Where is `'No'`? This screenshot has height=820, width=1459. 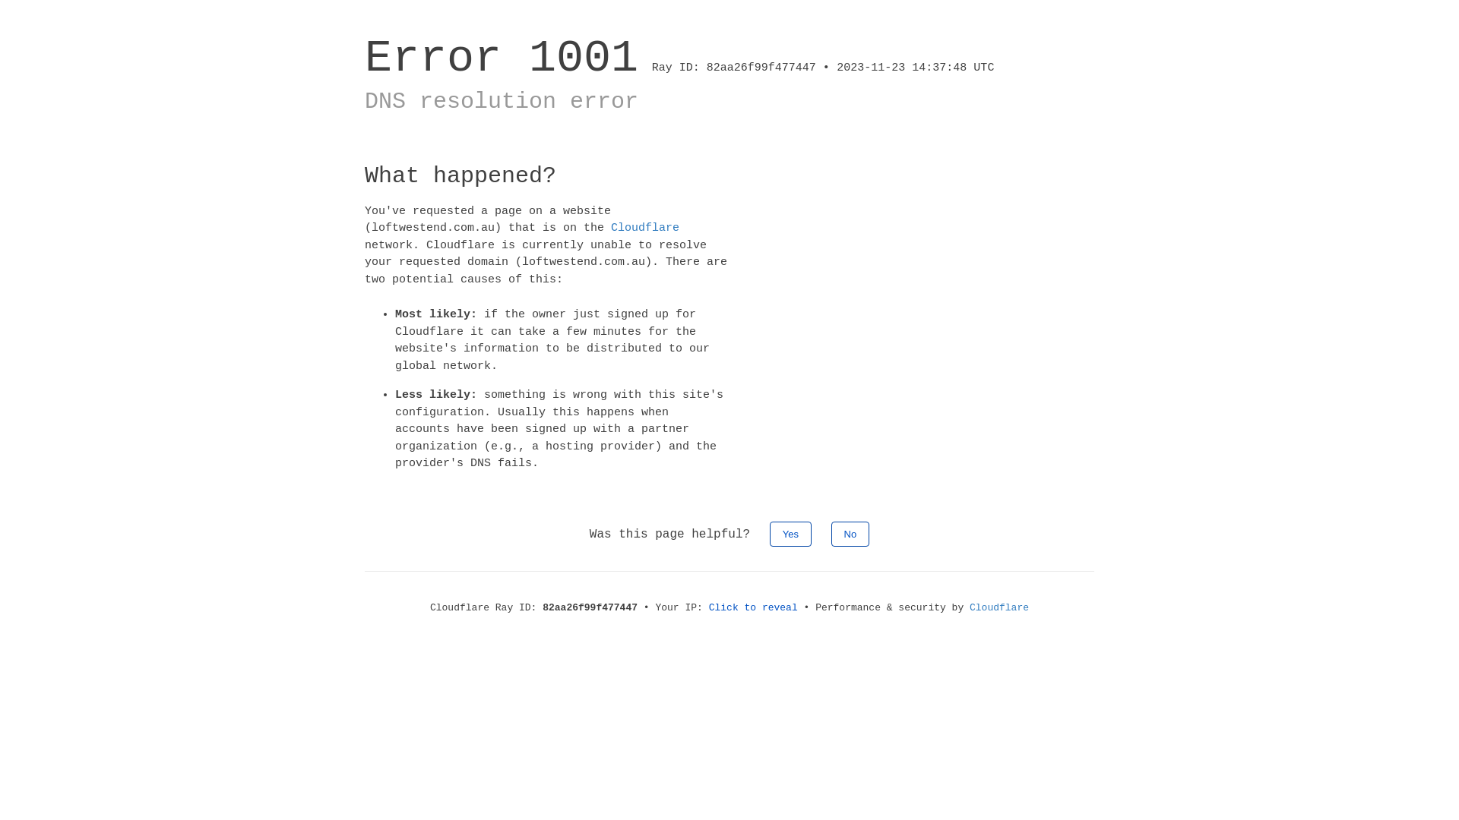 'No' is located at coordinates (850, 532).